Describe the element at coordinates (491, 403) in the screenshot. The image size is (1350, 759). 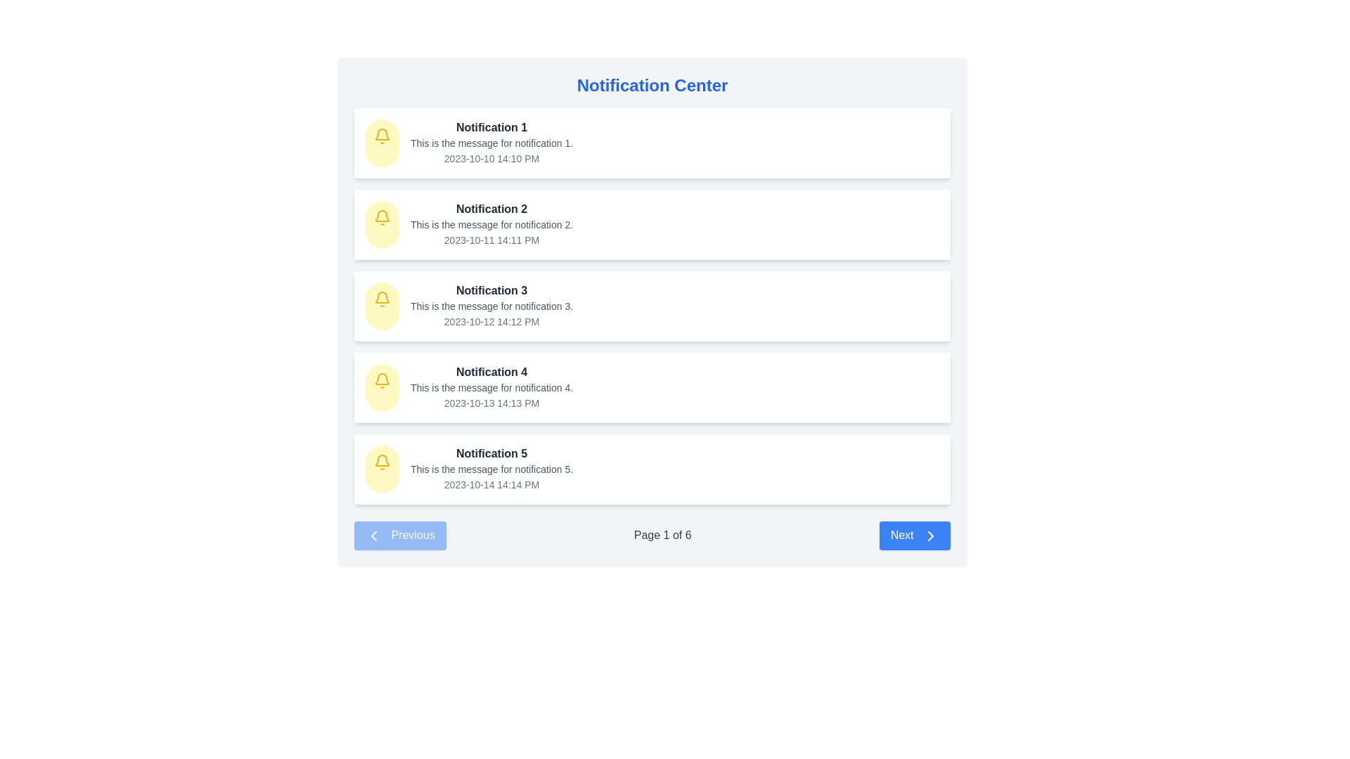
I see `timestamp displayed at the bottom right of 'Notification 4' card, which shows '2023-10-13 14:13 PM'` at that location.